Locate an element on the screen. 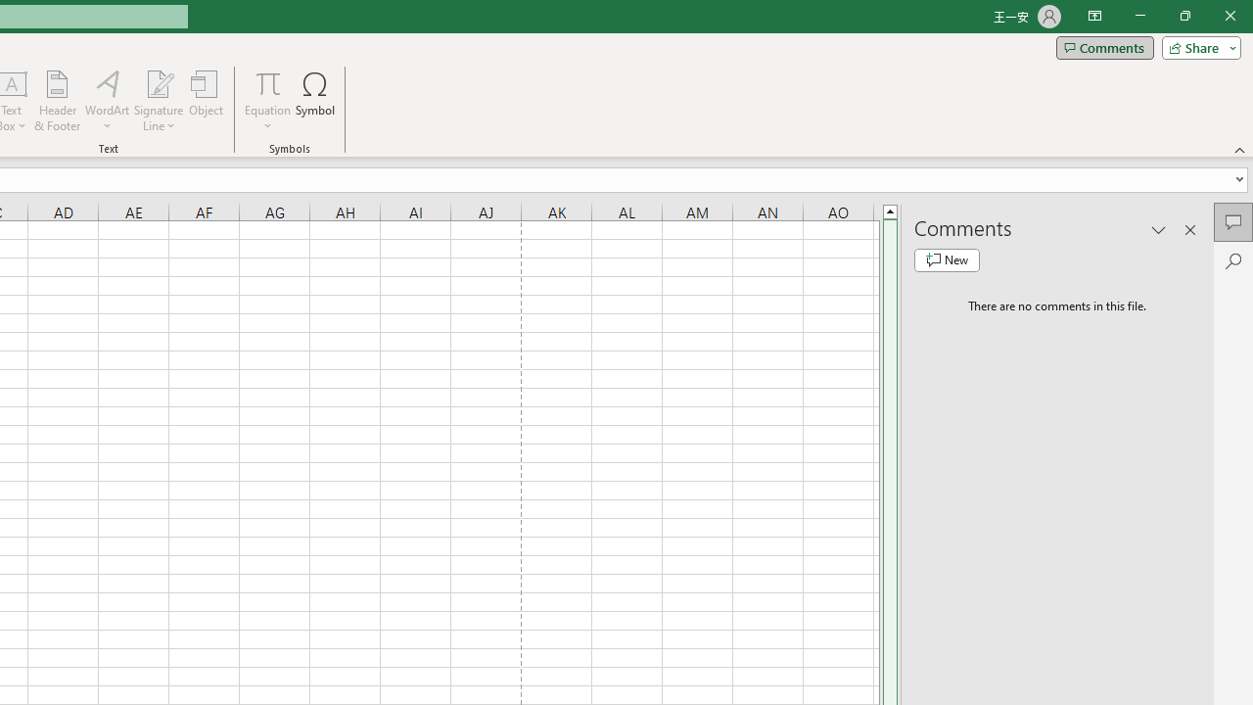 The width and height of the screenshot is (1253, 705). 'Ribbon Display Options' is located at coordinates (1093, 16).